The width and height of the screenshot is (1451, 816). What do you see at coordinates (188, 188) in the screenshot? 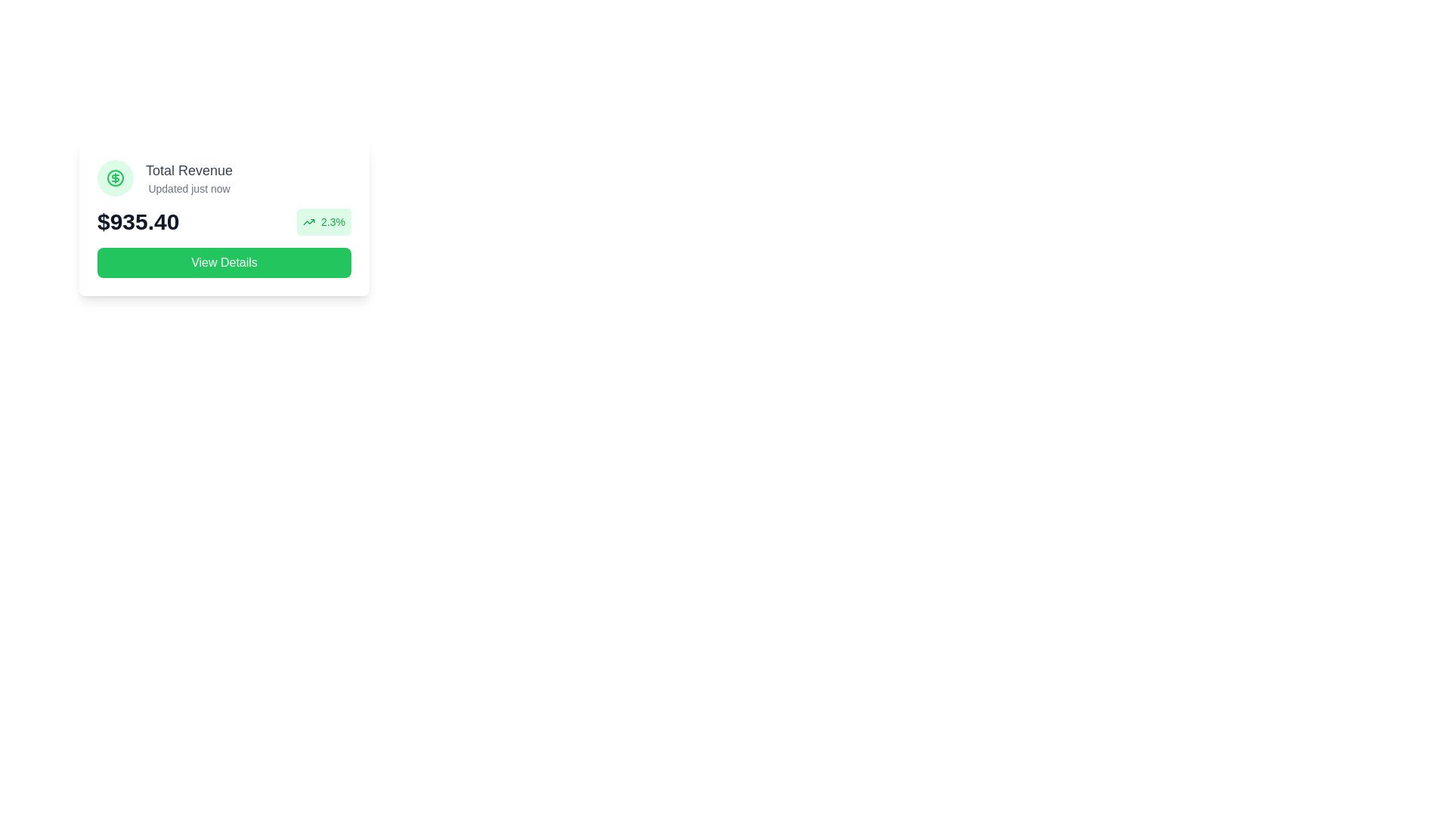
I see `the text label displaying 'Updated just now', which is styled with a small gray font and located below the 'Total Revenue' heading` at bounding box center [188, 188].